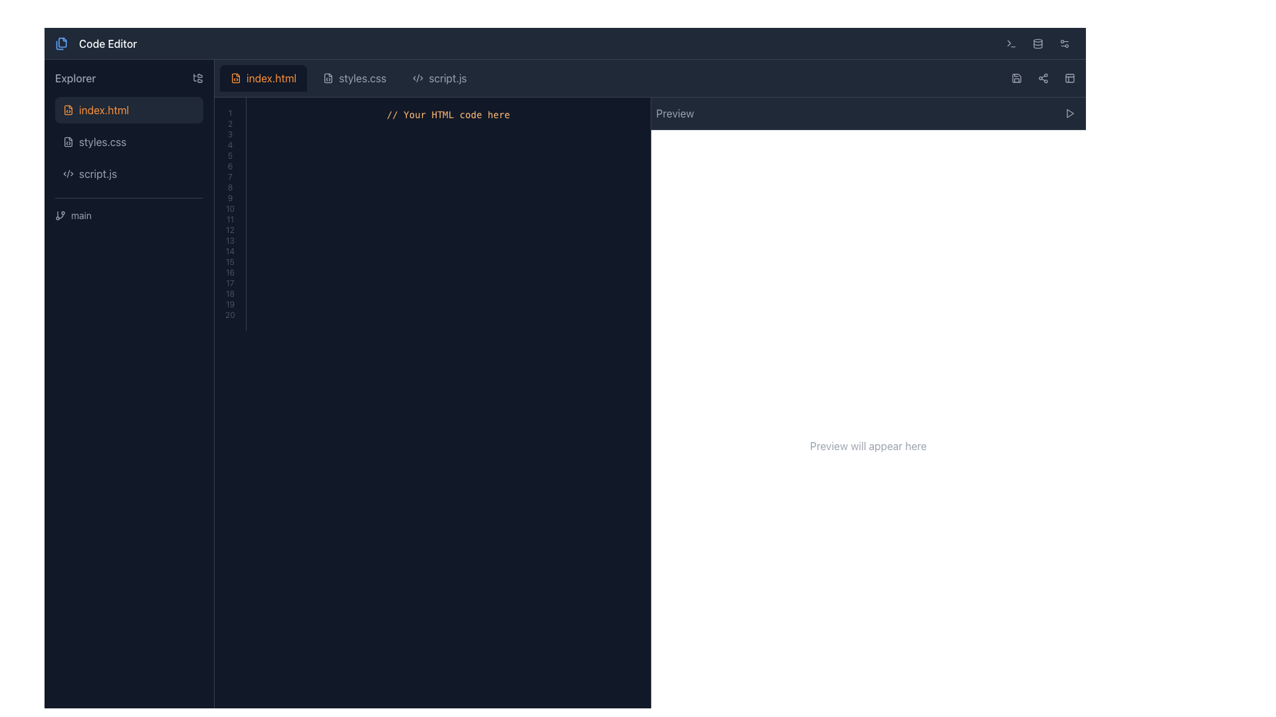 Image resolution: width=1276 pixels, height=717 pixels. Describe the element at coordinates (67, 109) in the screenshot. I see `the file icon representing 'index.html' in the file explorer section to enhance user interactions and indicate file type or status` at that location.